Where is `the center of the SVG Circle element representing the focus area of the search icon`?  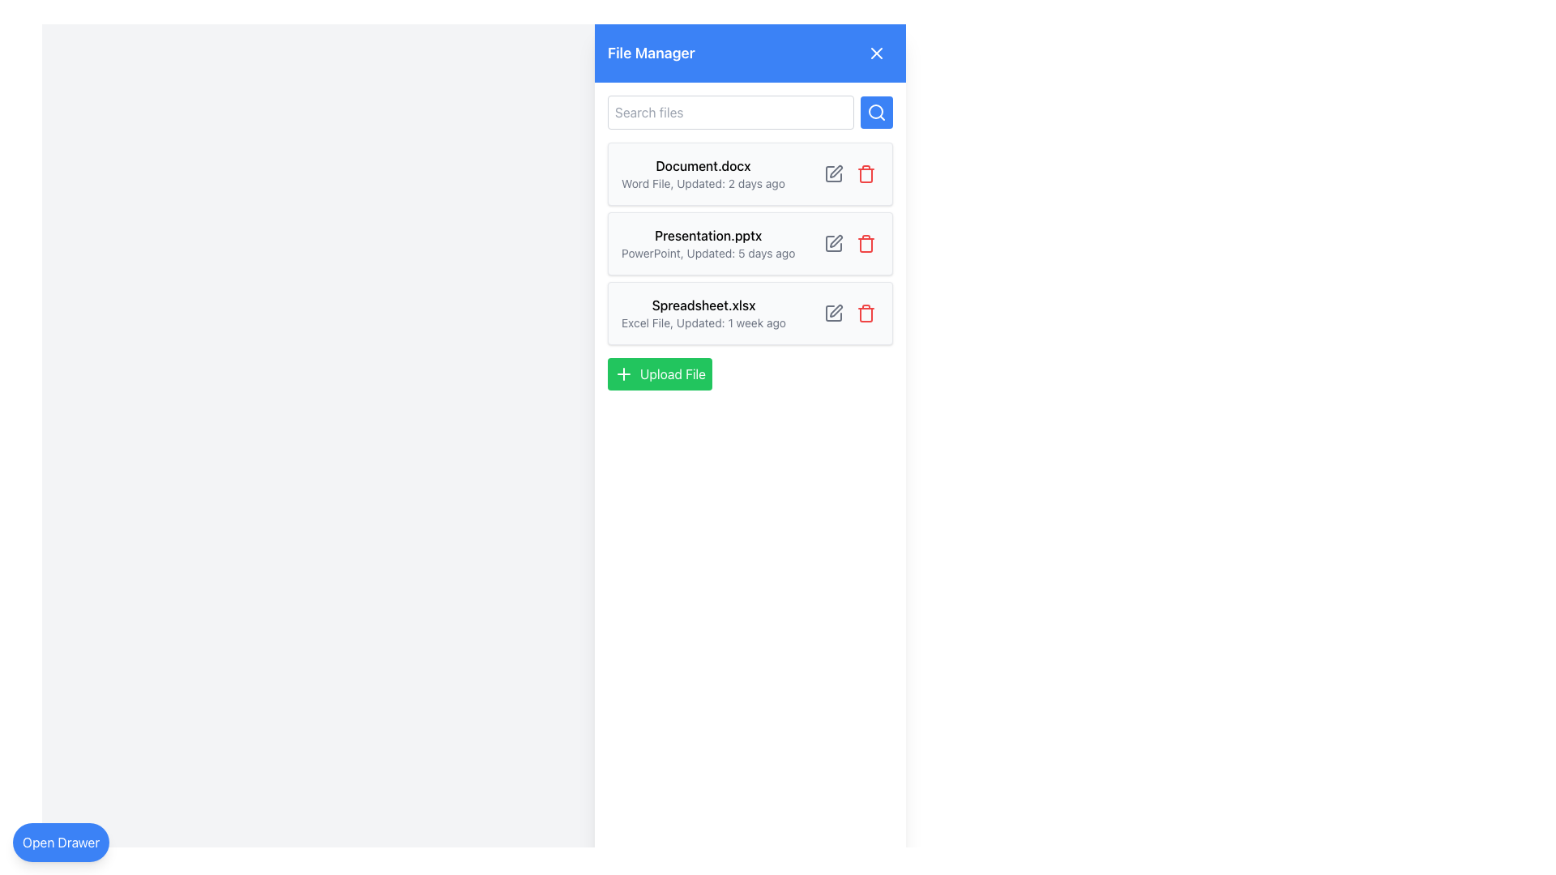
the center of the SVG Circle element representing the focus area of the search icon is located at coordinates (874, 111).